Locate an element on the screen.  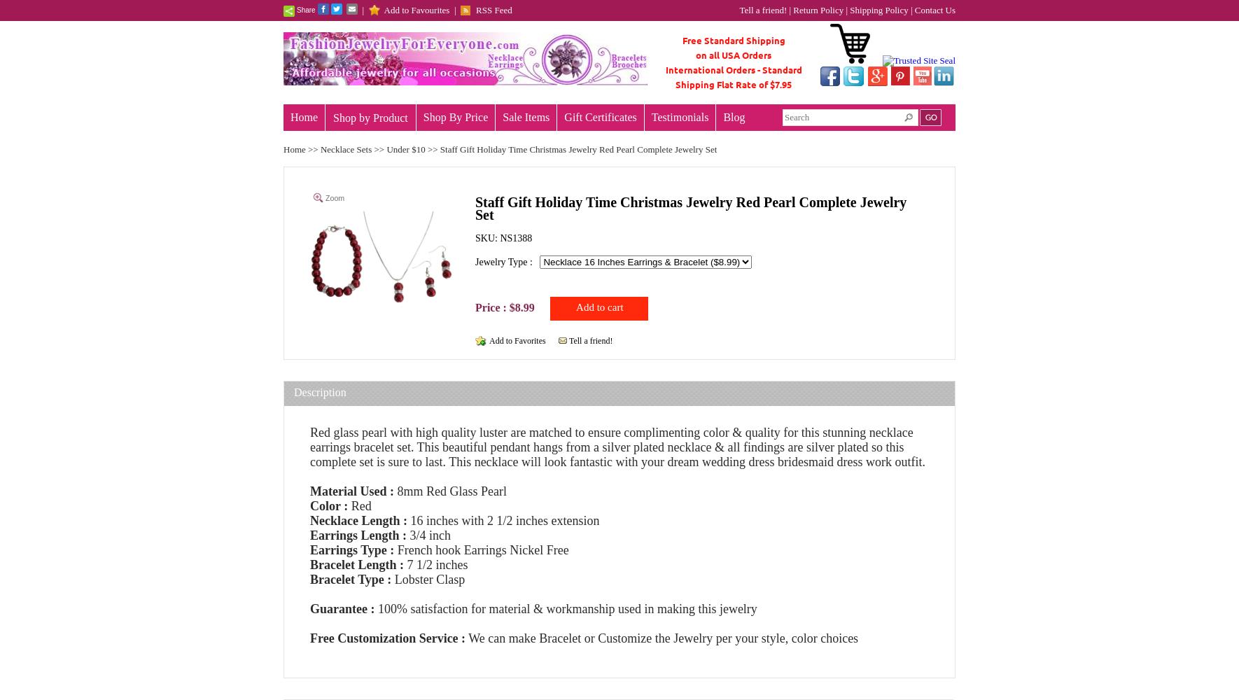
'Earrings Type :' is located at coordinates (352, 550).